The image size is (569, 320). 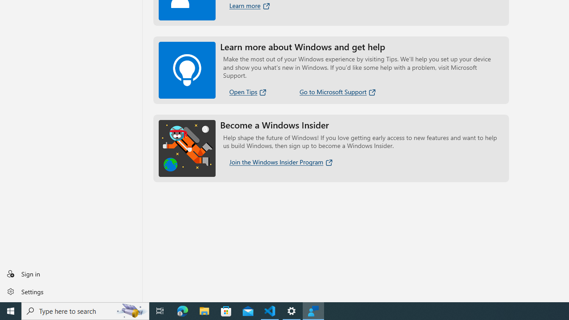 I want to click on 'Settings', so click(x=71, y=291).